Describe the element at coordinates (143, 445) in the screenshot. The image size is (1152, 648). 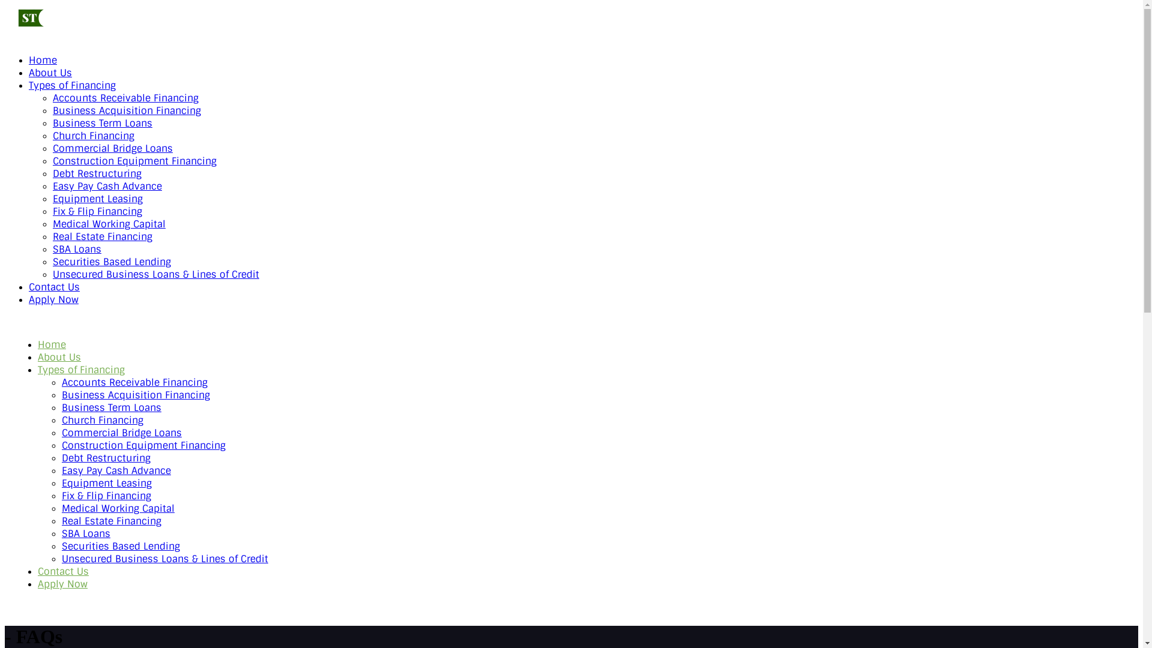
I see `'Construction Equipment Financing'` at that location.